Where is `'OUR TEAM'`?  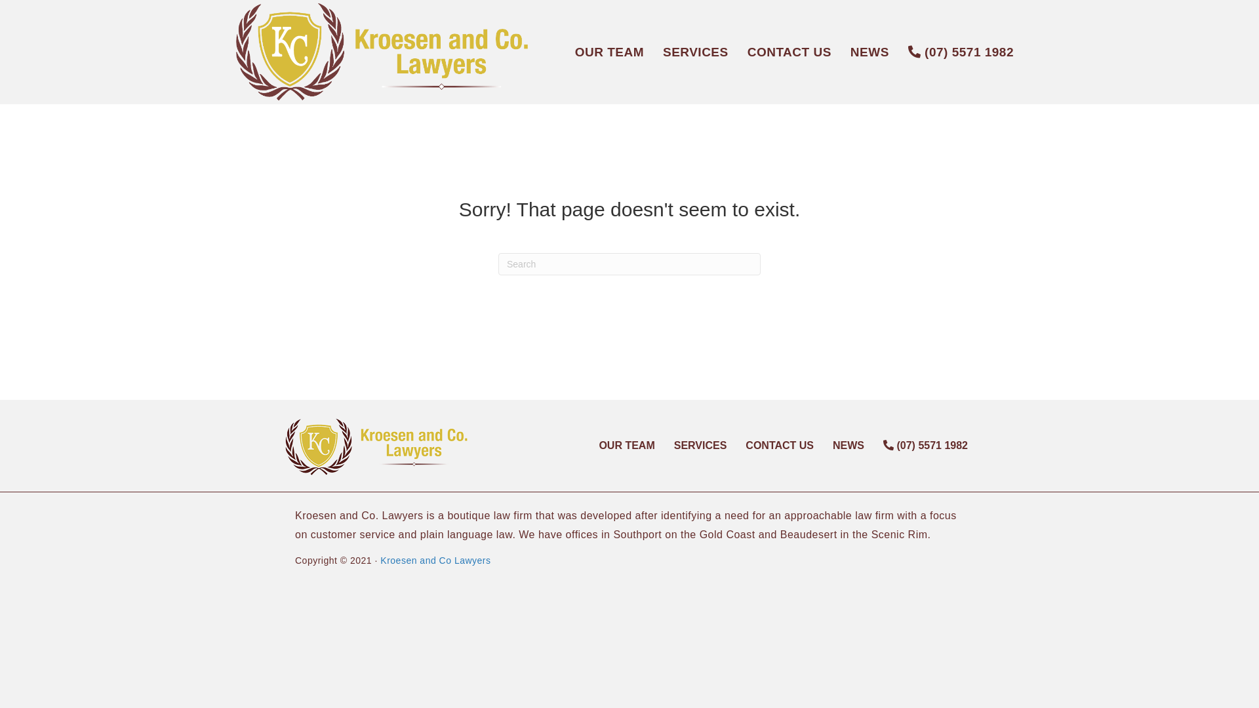
'OUR TEAM' is located at coordinates (609, 51).